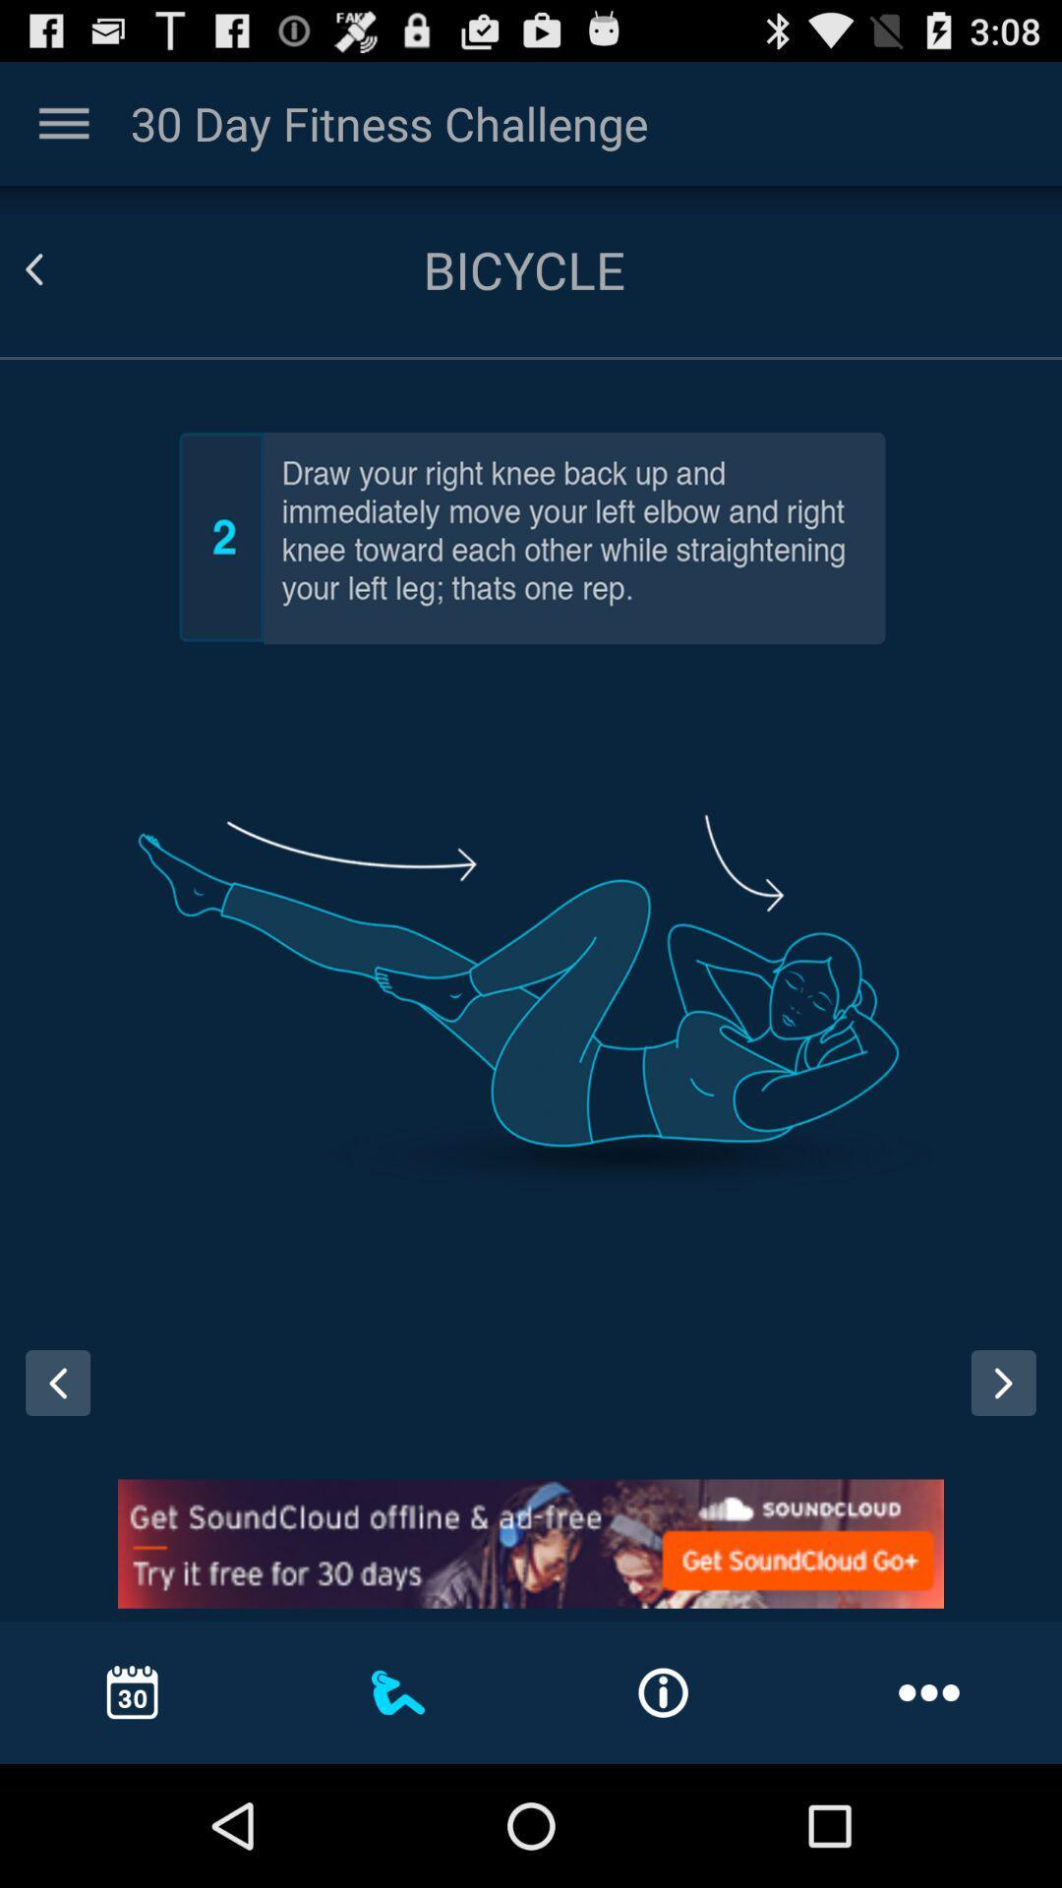  What do you see at coordinates (531, 1543) in the screenshot?
I see `advertisement for sendcloud` at bounding box center [531, 1543].